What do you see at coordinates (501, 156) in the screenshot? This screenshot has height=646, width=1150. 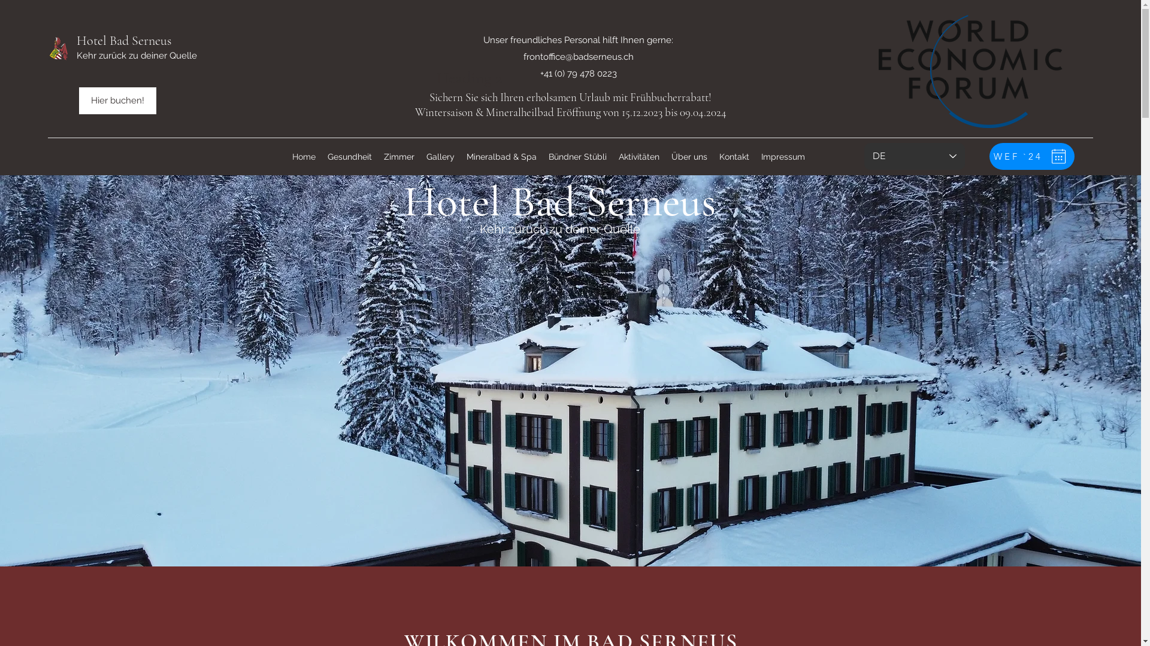 I see `'Mineralbad & Spa'` at bounding box center [501, 156].